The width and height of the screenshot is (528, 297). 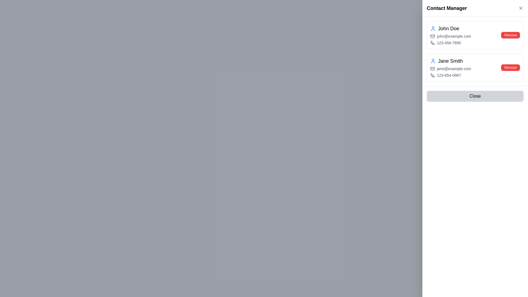 What do you see at coordinates (450, 68) in the screenshot?
I see `the static text displaying the email address 'jane@example.com' associated with the contact 'Jane Smith', located in the contact card above the phone number '123-654-0987'` at bounding box center [450, 68].